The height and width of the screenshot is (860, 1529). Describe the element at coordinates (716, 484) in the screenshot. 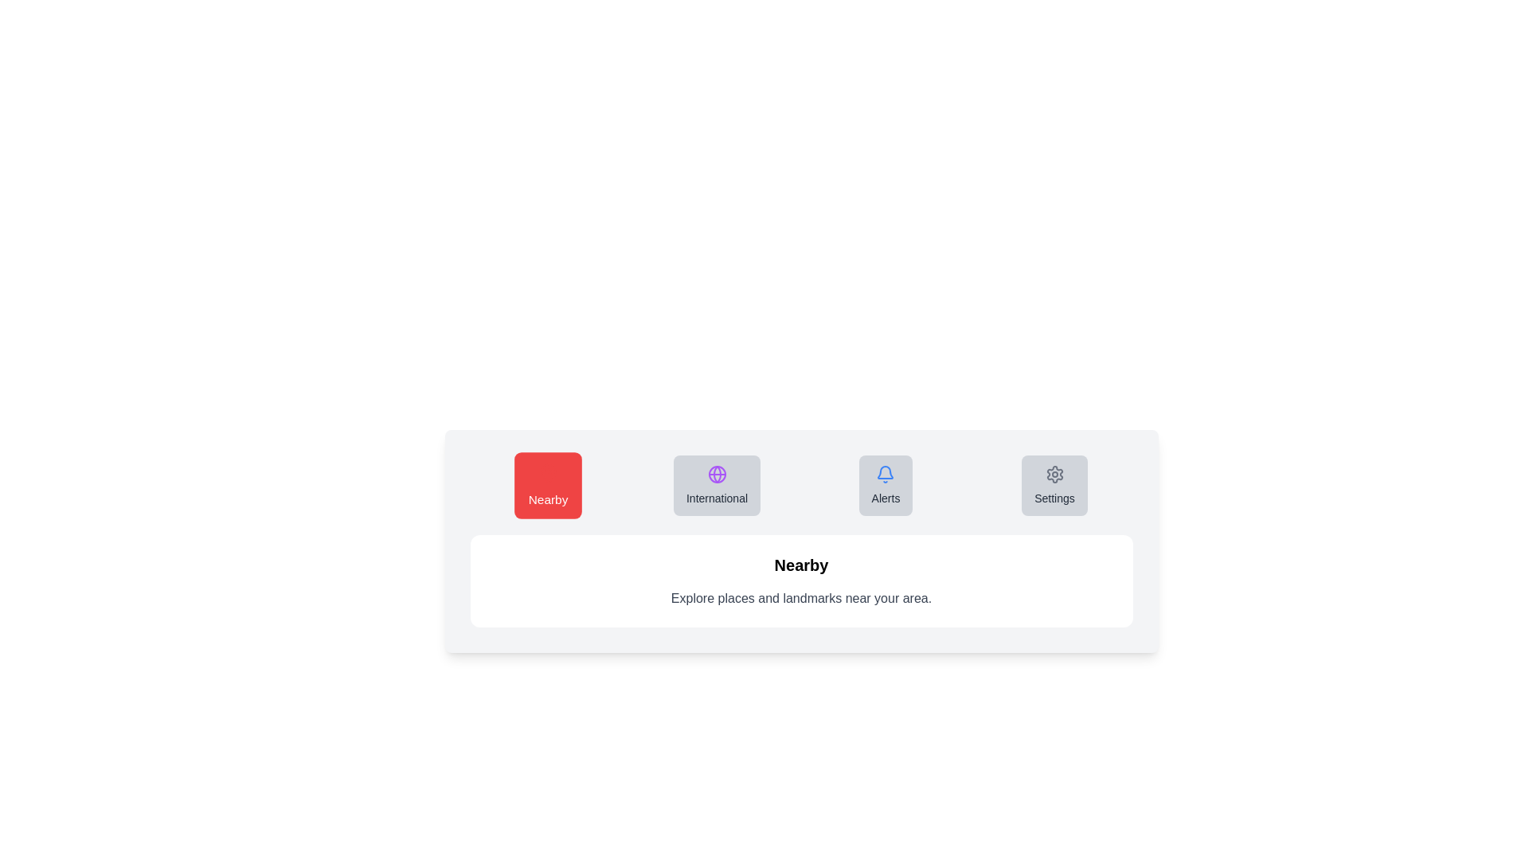

I see `the tab labeled International to observe its hover effect` at that location.